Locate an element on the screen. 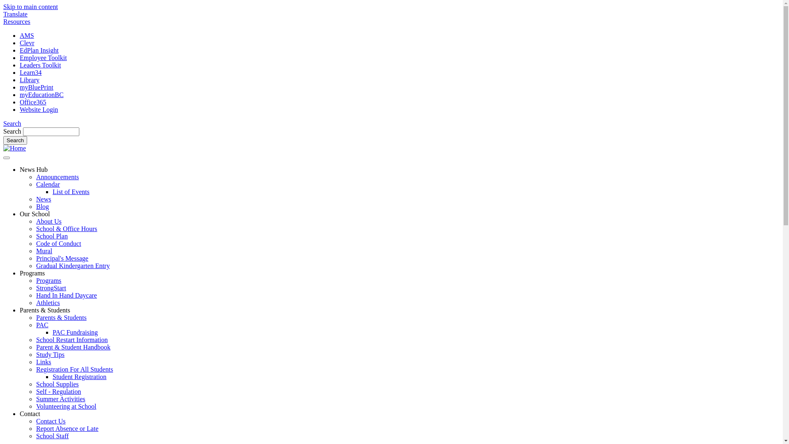 The height and width of the screenshot is (444, 789). 'Athletics' is located at coordinates (35, 303).